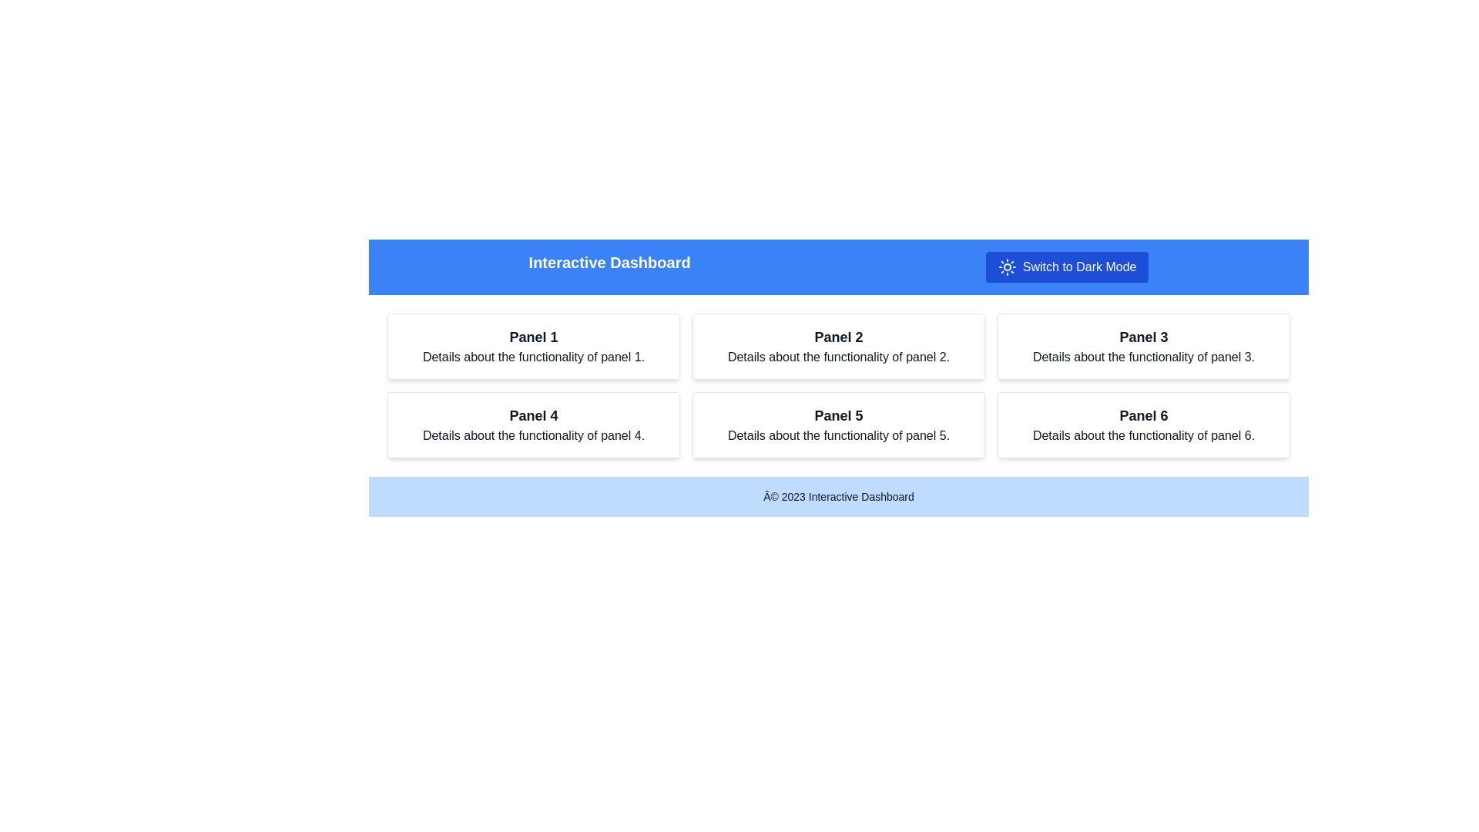  What do you see at coordinates (1143, 424) in the screenshot?
I see `the Informational panel labeled 'Panel 6' which contains a bold title and a subtitle, located in the bottom-right corner of a 3x2 grid layout` at bounding box center [1143, 424].